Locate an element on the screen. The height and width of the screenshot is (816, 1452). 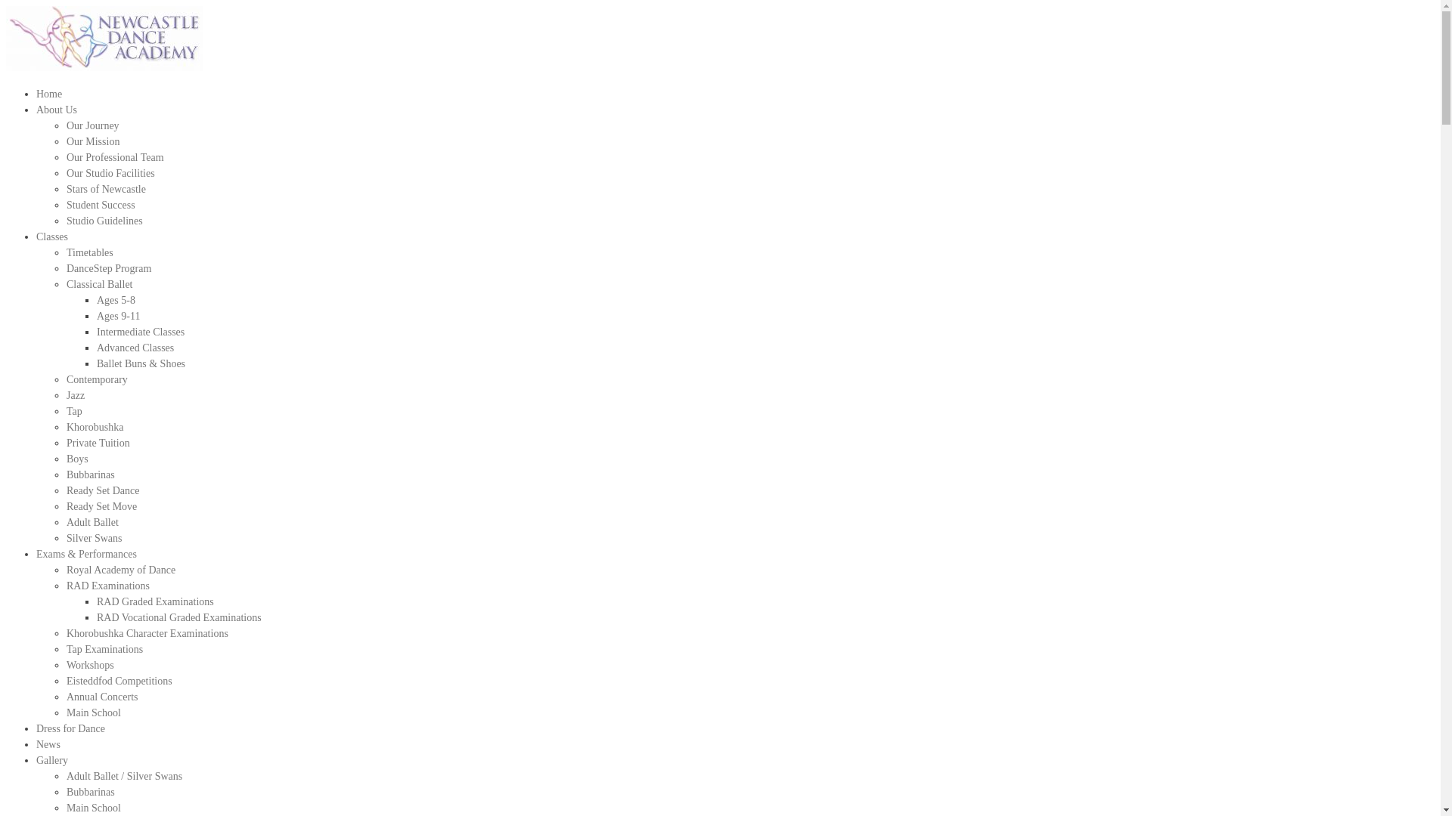
'Adult Ballet' is located at coordinates (92, 521).